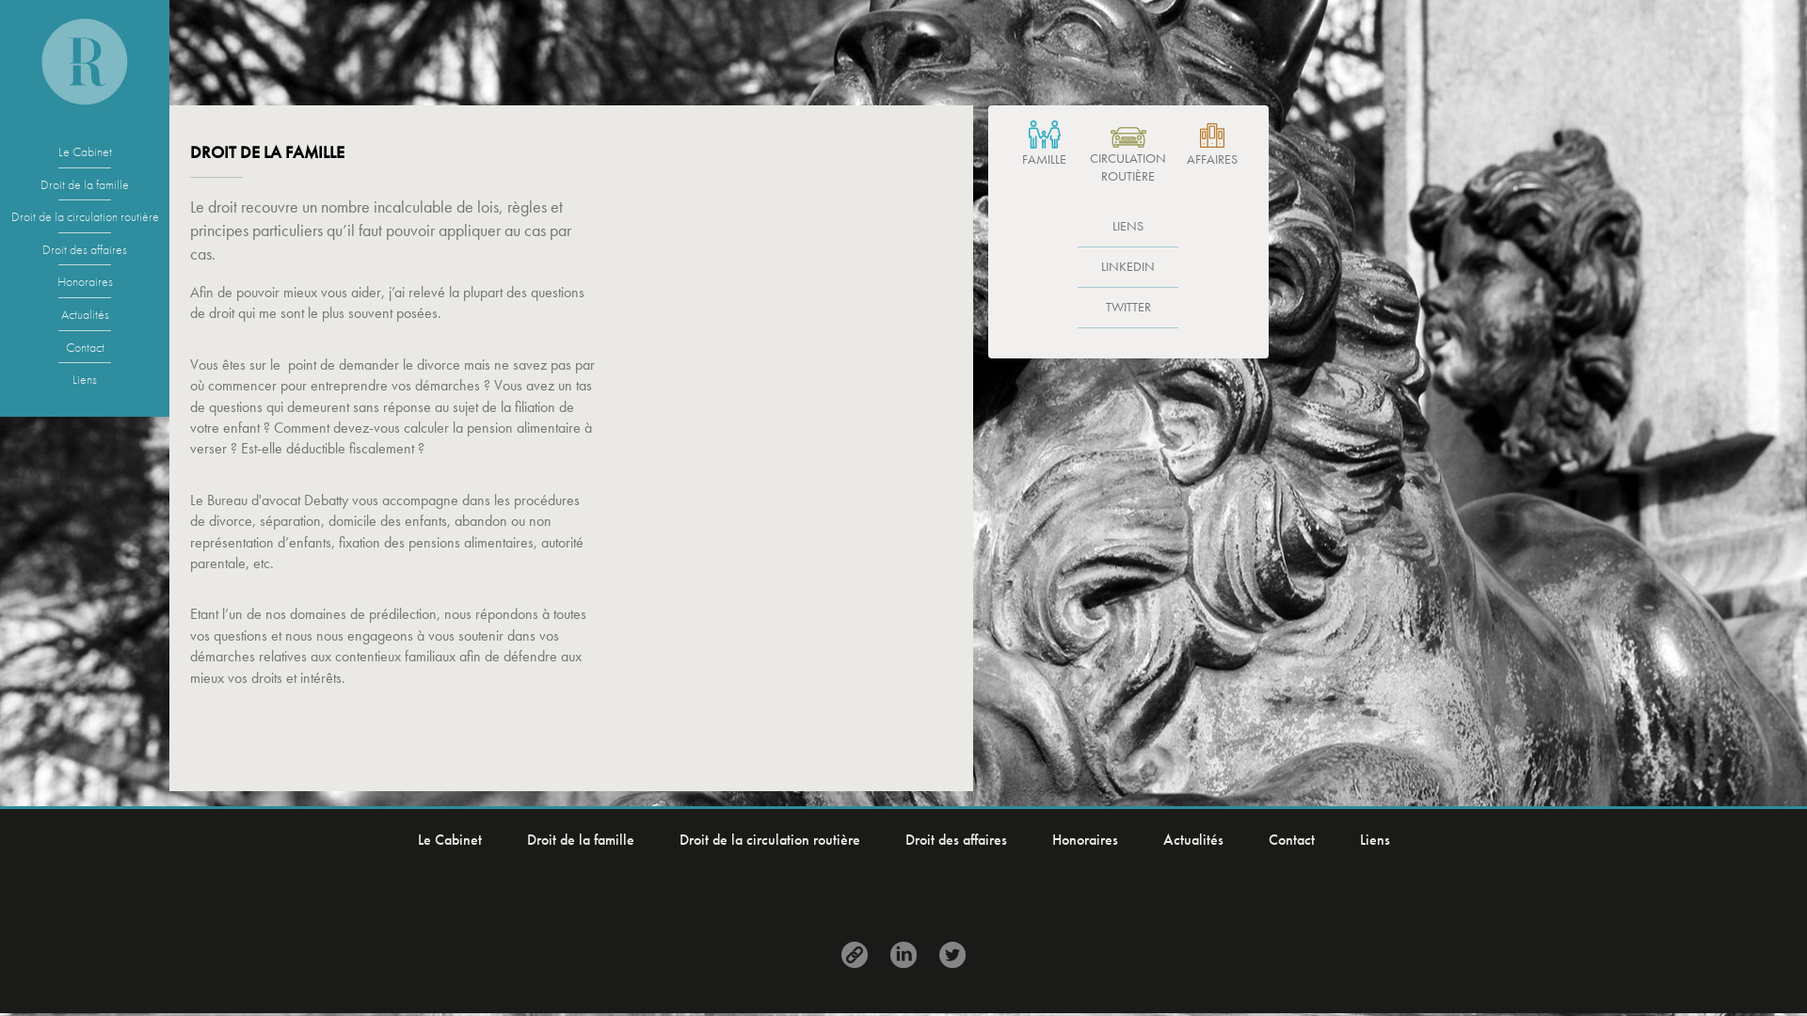 Image resolution: width=1807 pixels, height=1016 pixels. I want to click on 'AFFAIRES', so click(1211, 144).